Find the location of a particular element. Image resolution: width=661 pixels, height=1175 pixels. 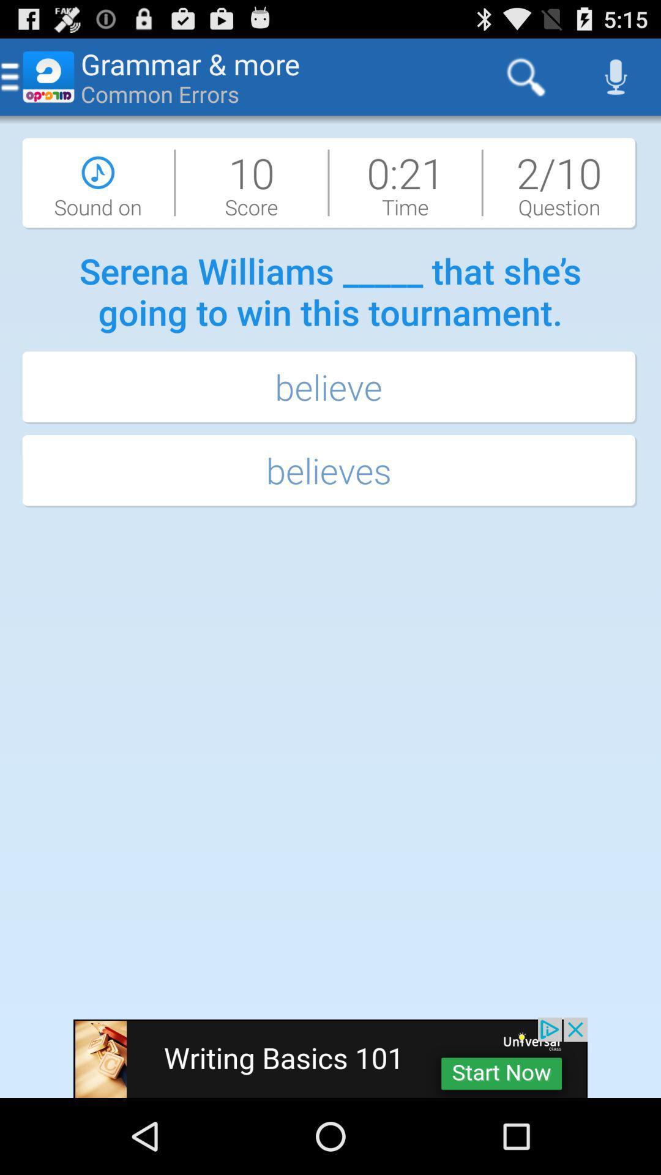

click advertisement is located at coordinates (330, 1057).